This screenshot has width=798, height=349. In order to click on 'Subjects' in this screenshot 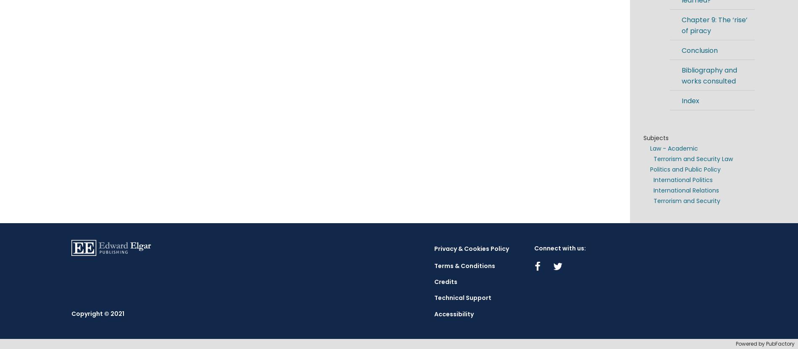, I will do `click(656, 138)`.